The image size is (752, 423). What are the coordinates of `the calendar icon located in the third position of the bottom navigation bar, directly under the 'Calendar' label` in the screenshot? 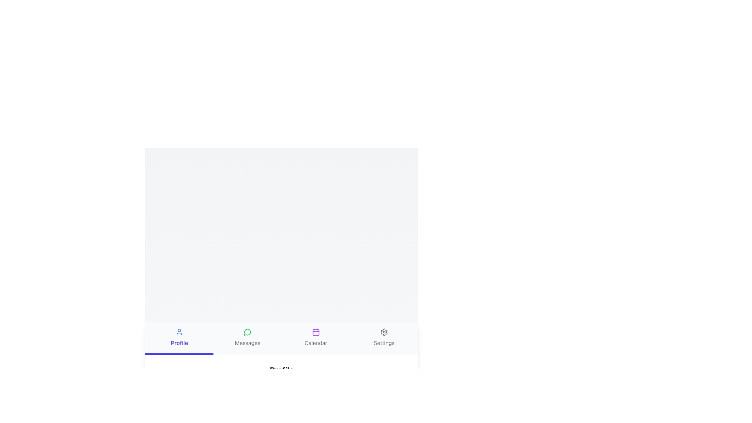 It's located at (316, 332).